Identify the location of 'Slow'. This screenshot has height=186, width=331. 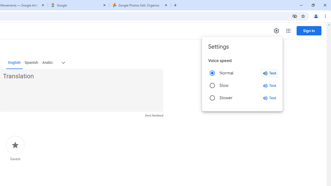
(212, 85).